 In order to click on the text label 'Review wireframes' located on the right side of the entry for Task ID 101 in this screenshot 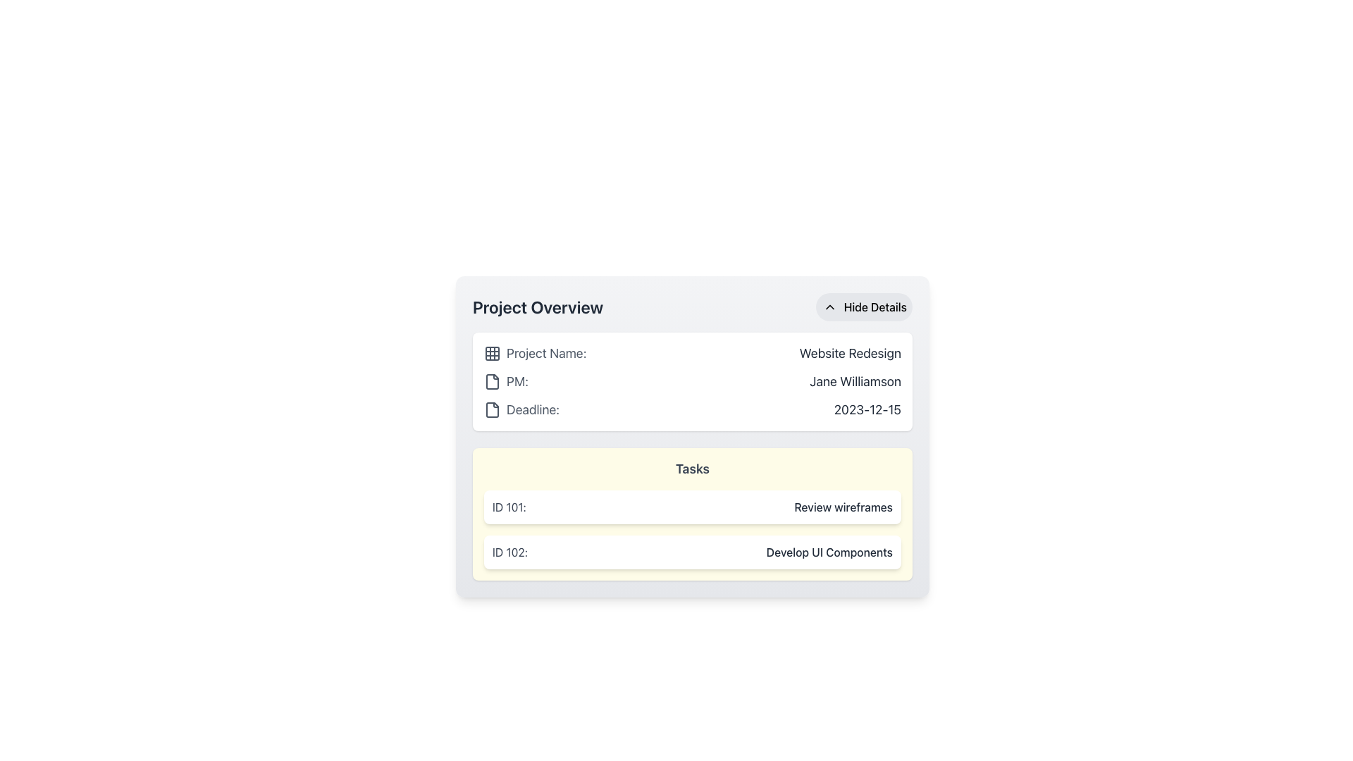, I will do `click(844, 507)`.